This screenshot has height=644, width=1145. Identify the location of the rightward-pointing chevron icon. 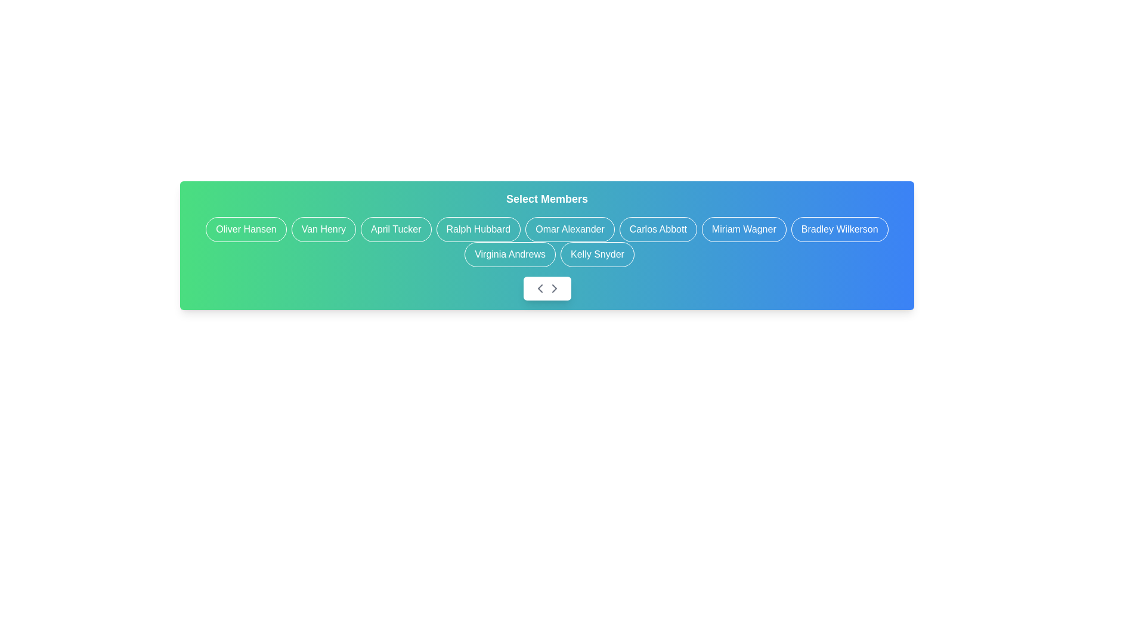
(553, 288).